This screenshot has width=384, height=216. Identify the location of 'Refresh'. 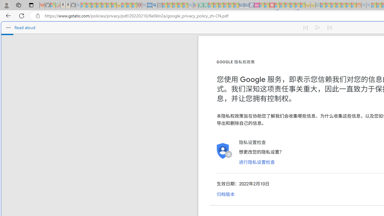
(22, 15).